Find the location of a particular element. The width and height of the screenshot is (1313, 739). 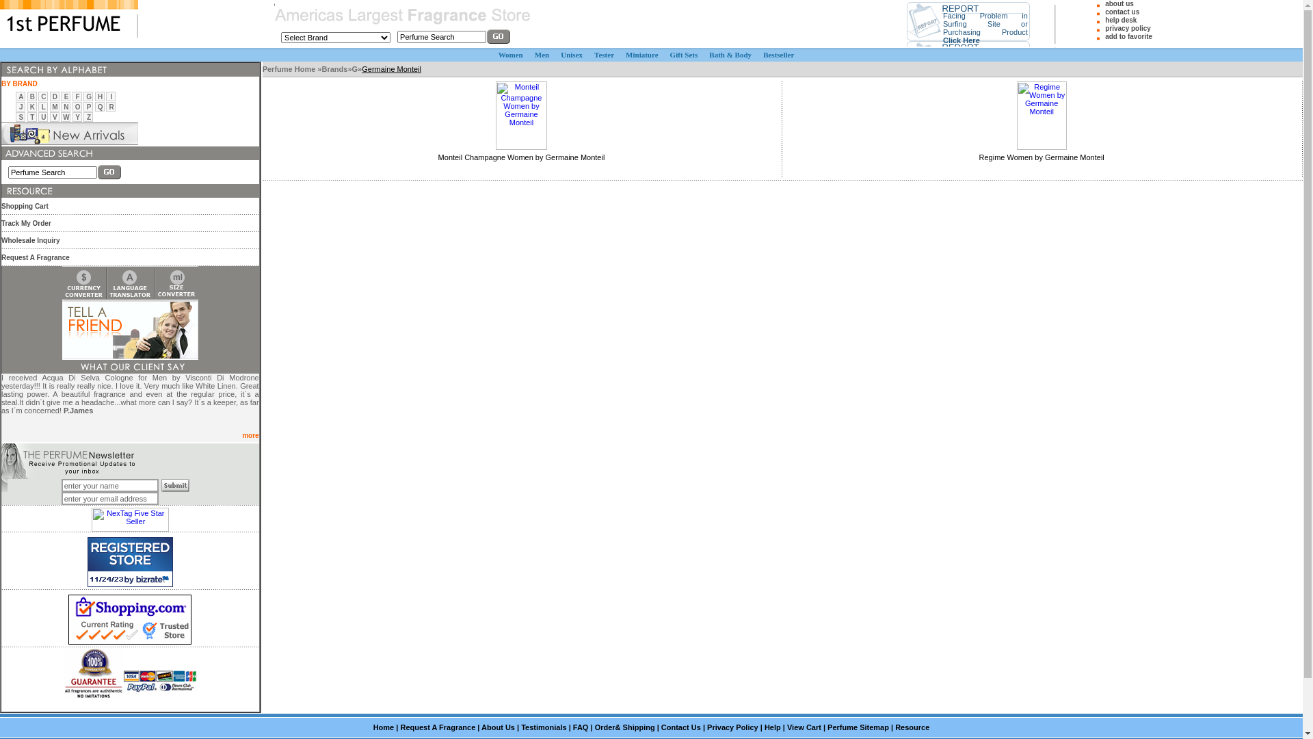

'cheap perfume' is located at coordinates (274, 31).